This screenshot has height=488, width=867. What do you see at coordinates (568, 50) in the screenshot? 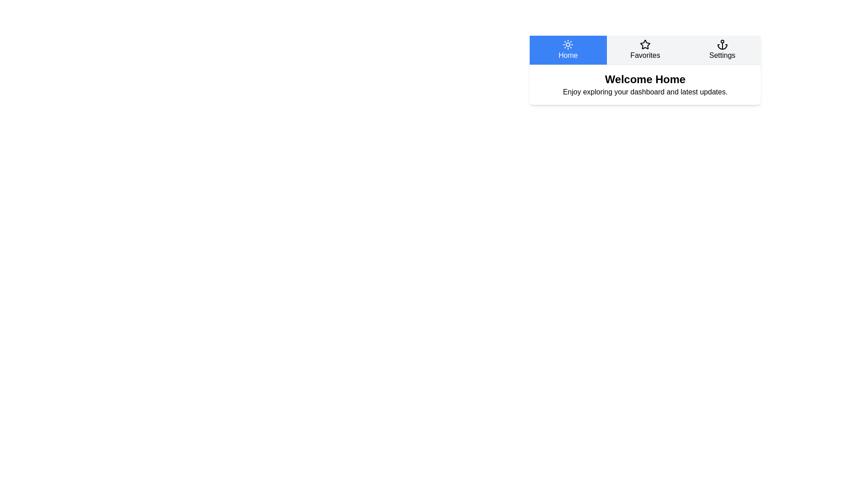
I see `the Home tab to switch to its content` at bounding box center [568, 50].